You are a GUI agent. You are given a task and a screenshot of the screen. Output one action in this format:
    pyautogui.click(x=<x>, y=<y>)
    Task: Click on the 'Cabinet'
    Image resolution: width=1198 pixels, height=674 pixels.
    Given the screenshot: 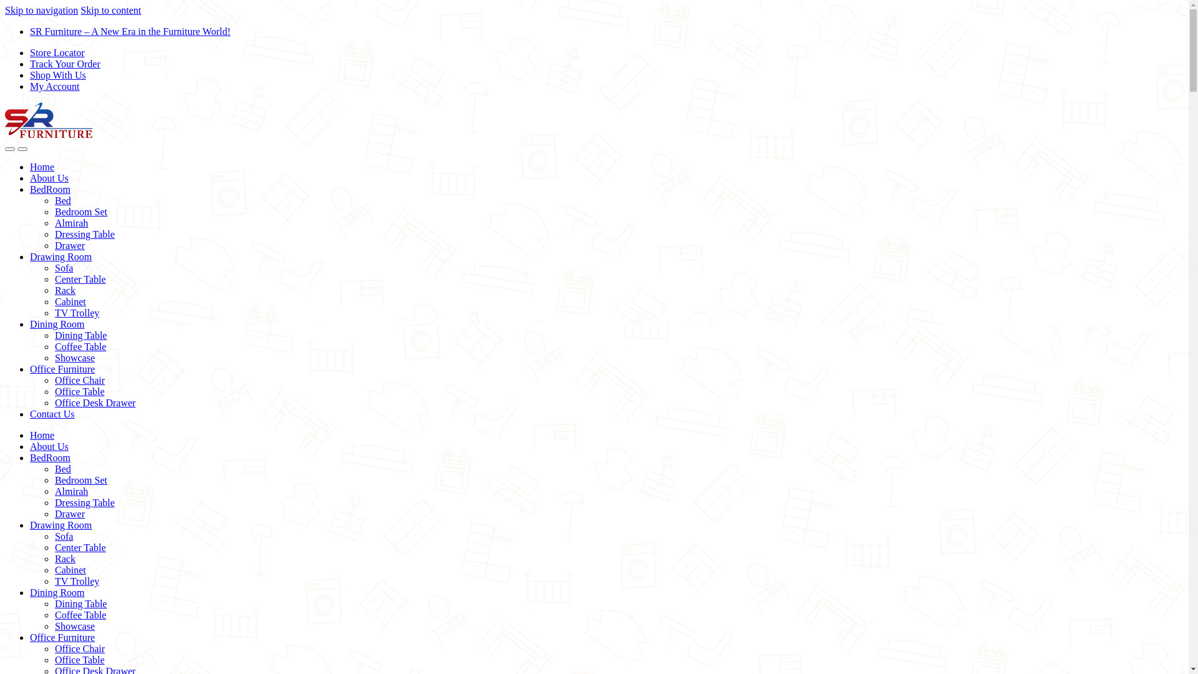 What is the action you would take?
    pyautogui.click(x=70, y=570)
    